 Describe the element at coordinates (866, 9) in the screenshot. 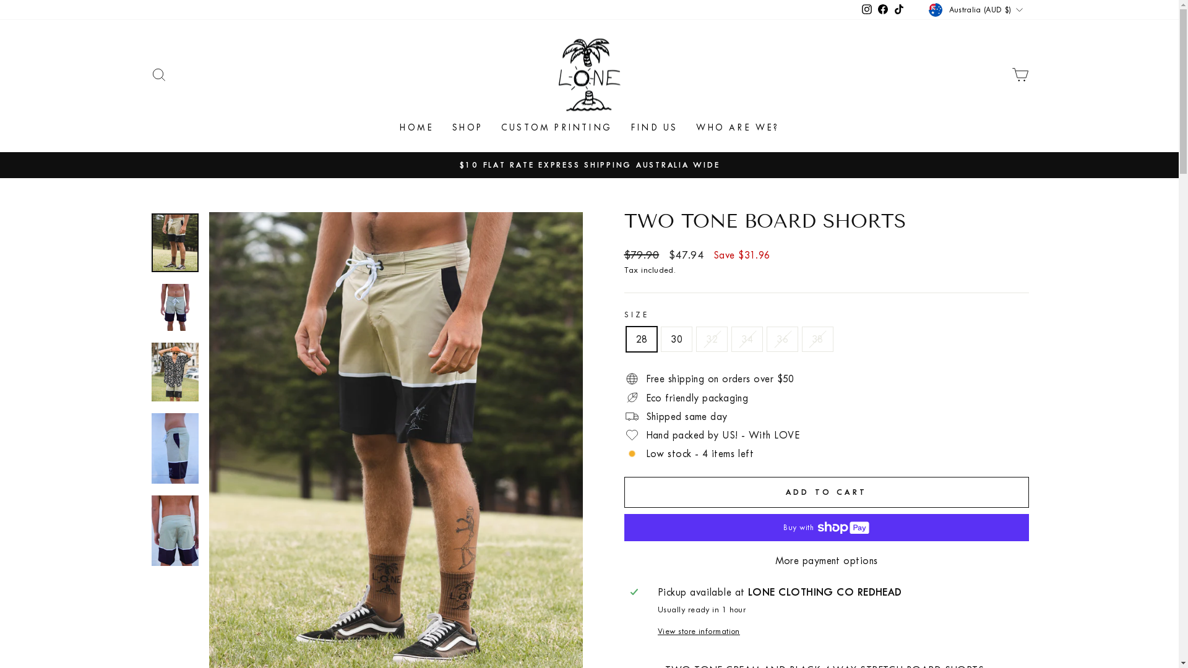

I see `'Instagram'` at that location.